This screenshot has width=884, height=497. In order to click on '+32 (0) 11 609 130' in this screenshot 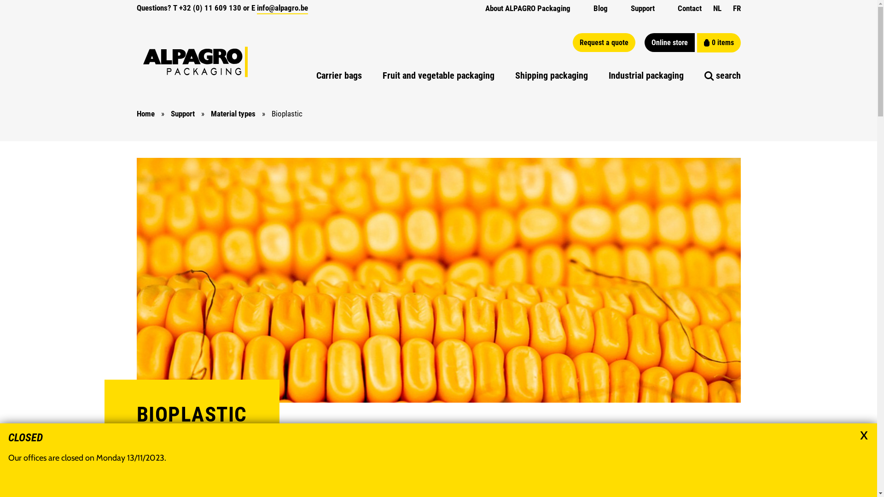, I will do `click(209, 7)`.